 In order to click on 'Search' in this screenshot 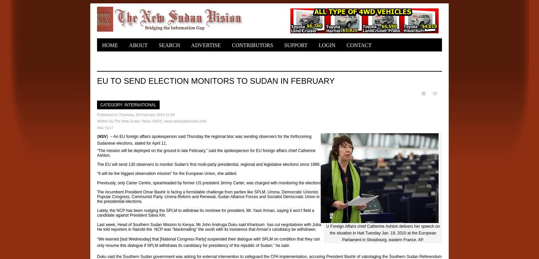, I will do `click(169, 45)`.